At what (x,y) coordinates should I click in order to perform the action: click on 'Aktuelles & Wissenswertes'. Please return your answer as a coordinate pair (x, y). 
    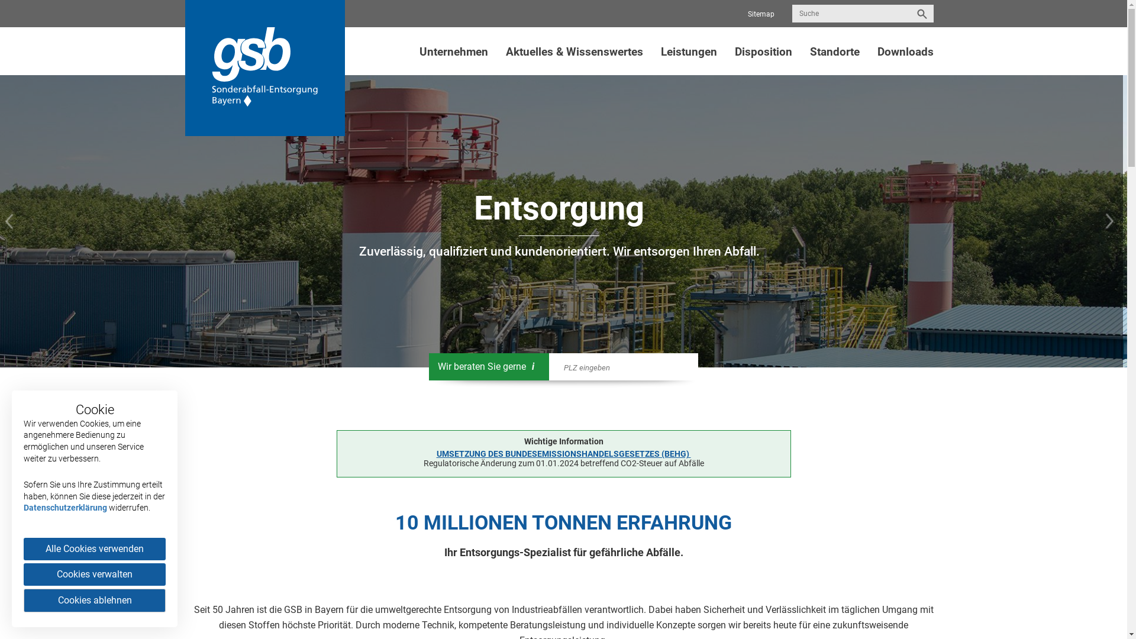
    Looking at the image, I should click on (497, 51).